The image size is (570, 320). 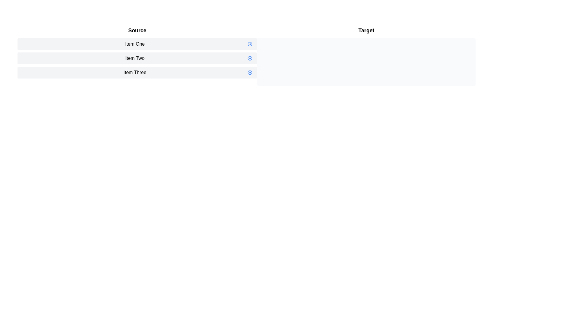 I want to click on text from the bold 'Source' label positioned at the top of the list of items, so click(x=137, y=31).